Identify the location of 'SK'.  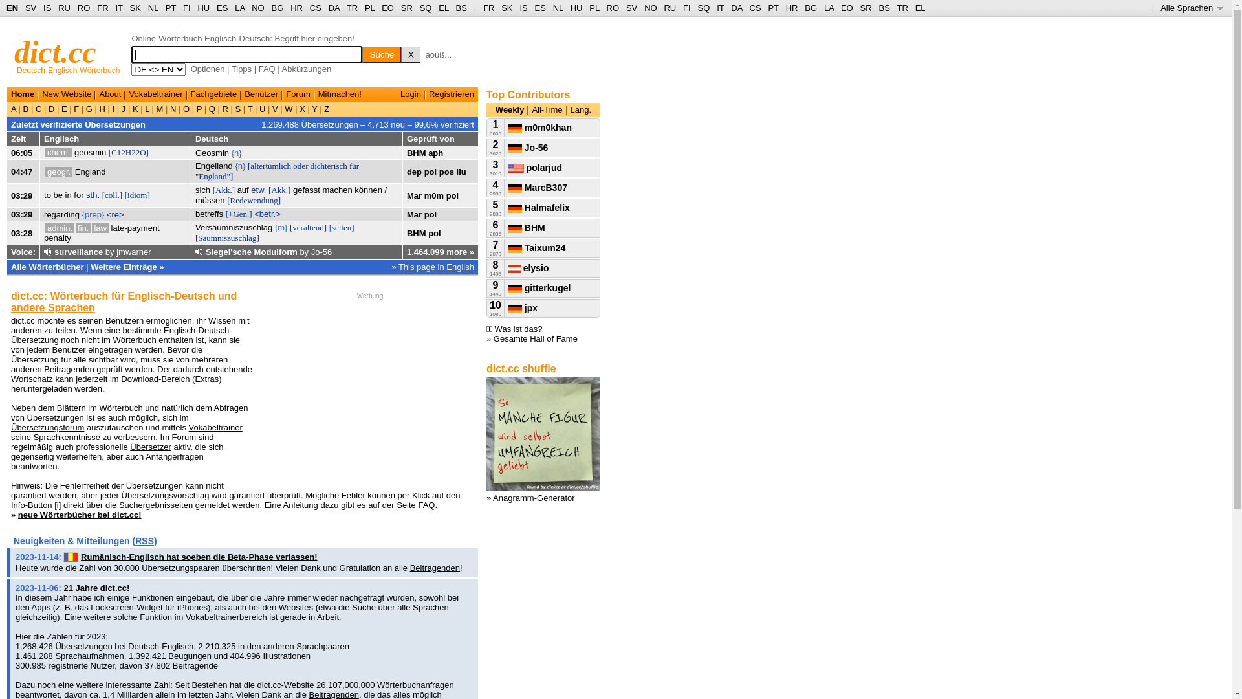
(500, 8).